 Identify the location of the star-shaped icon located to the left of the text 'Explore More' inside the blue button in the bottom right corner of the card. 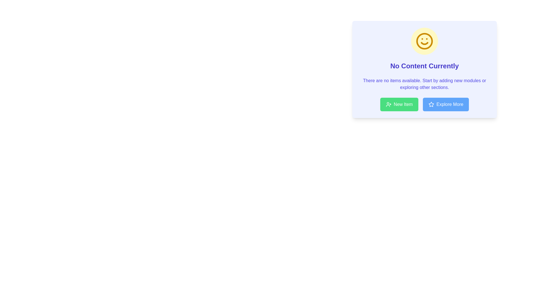
(431, 104).